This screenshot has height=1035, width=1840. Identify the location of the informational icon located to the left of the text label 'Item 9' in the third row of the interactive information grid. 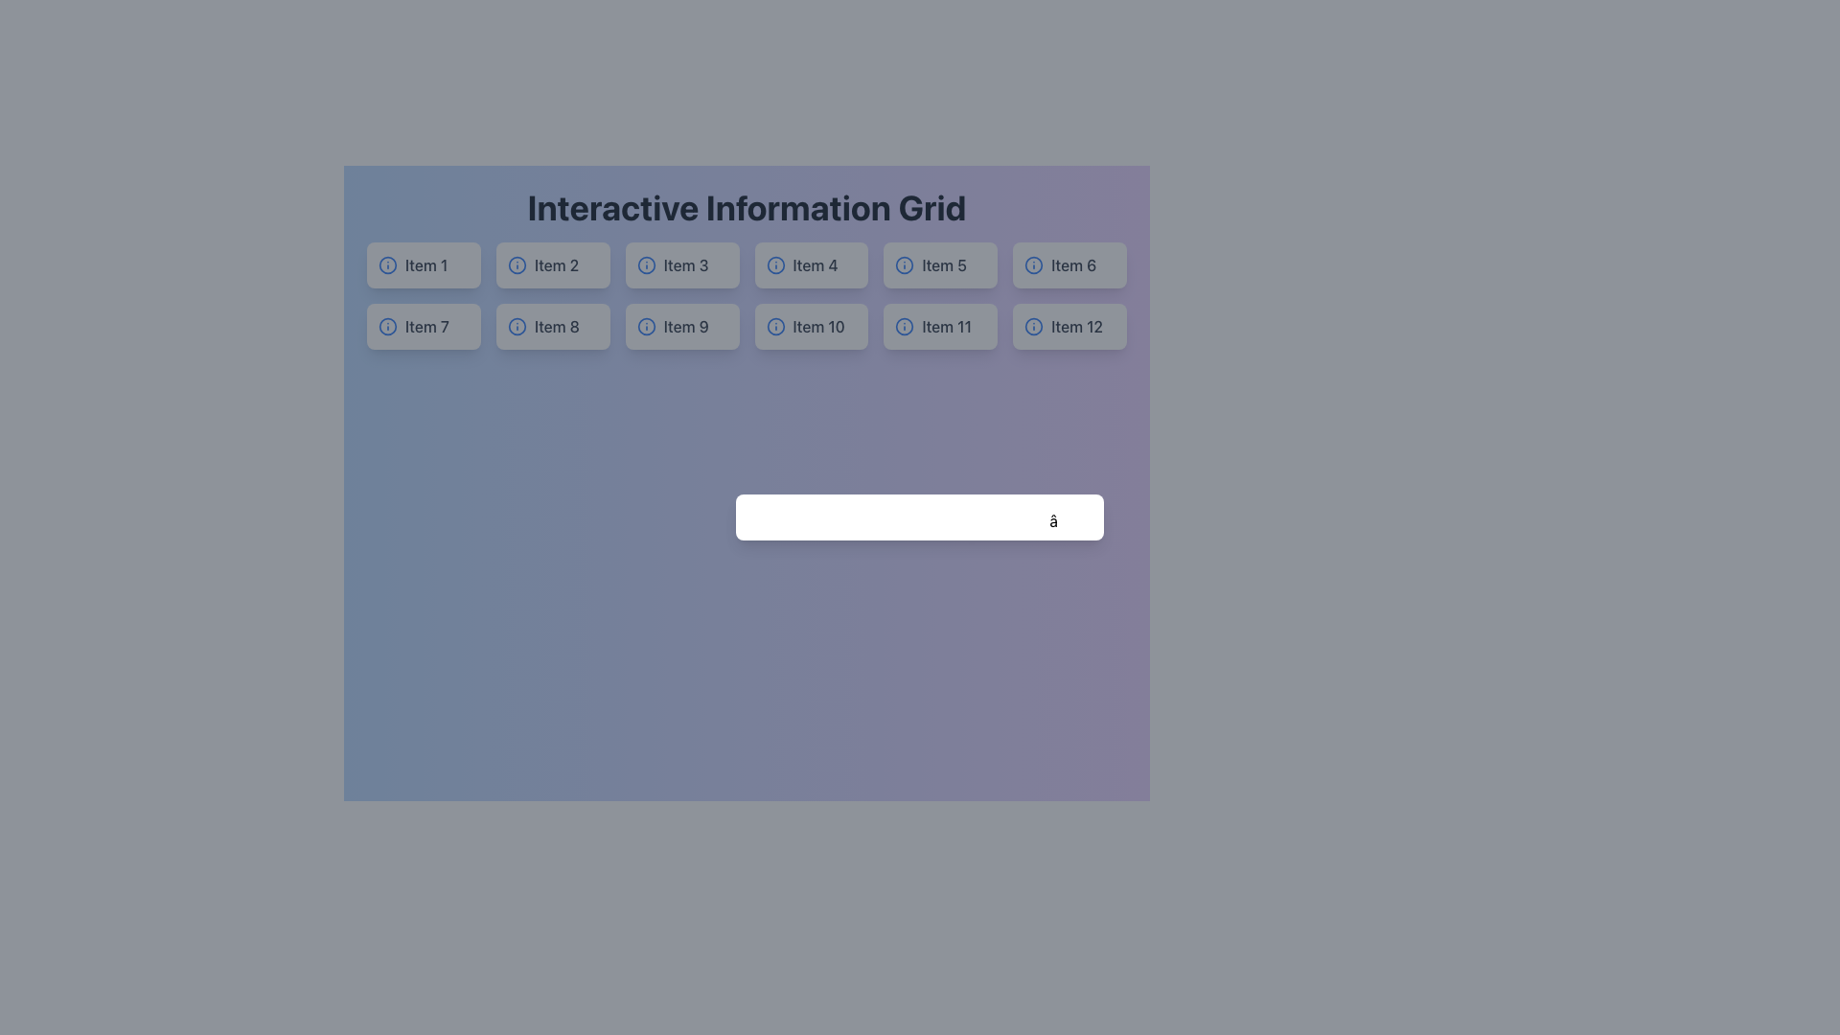
(646, 325).